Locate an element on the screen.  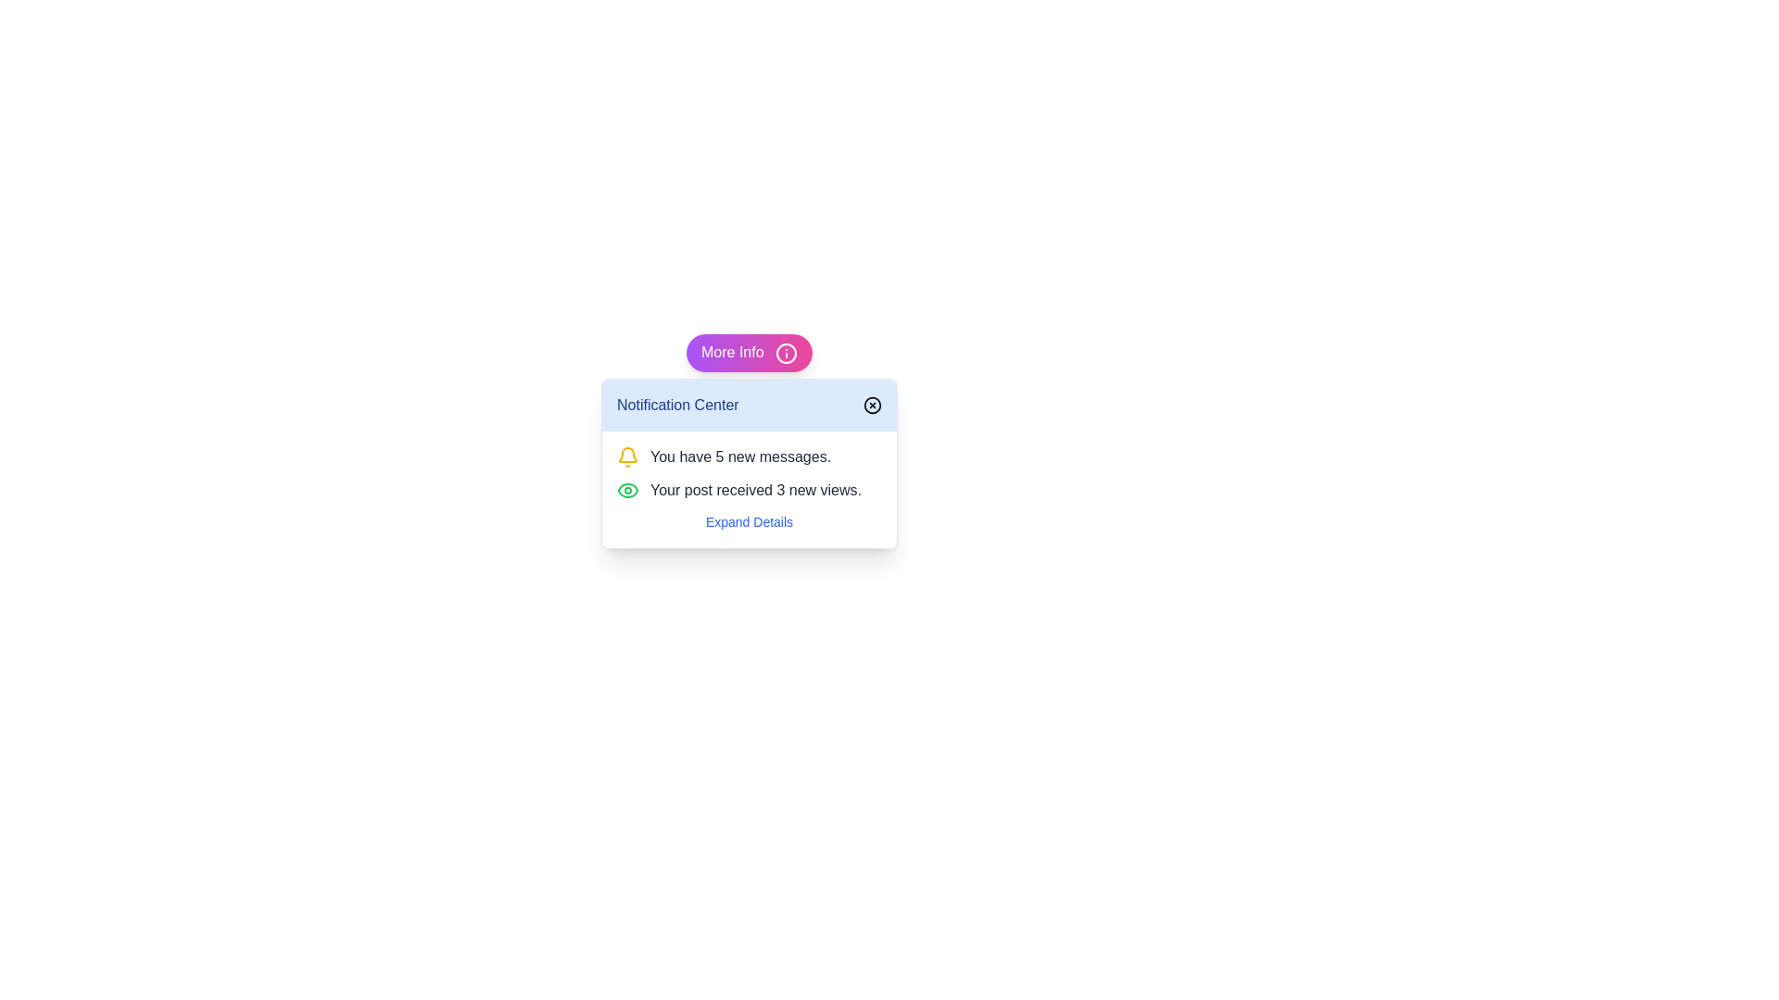
the circular outline within the icon located at the top-right corner of the Notification Center card is located at coordinates (871, 405).